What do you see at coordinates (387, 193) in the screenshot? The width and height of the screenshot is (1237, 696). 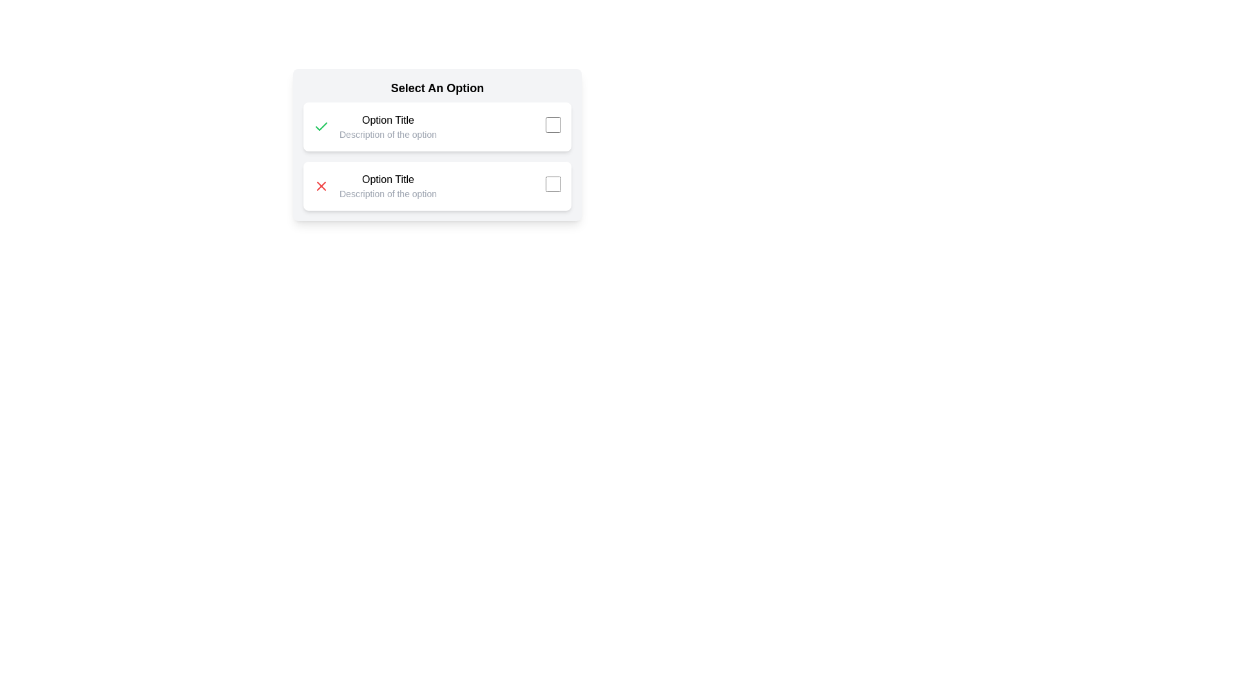 I see `the text label element displaying 'Description of the option', which is styled in small gray font and located beneath 'Option Title'` at bounding box center [387, 193].